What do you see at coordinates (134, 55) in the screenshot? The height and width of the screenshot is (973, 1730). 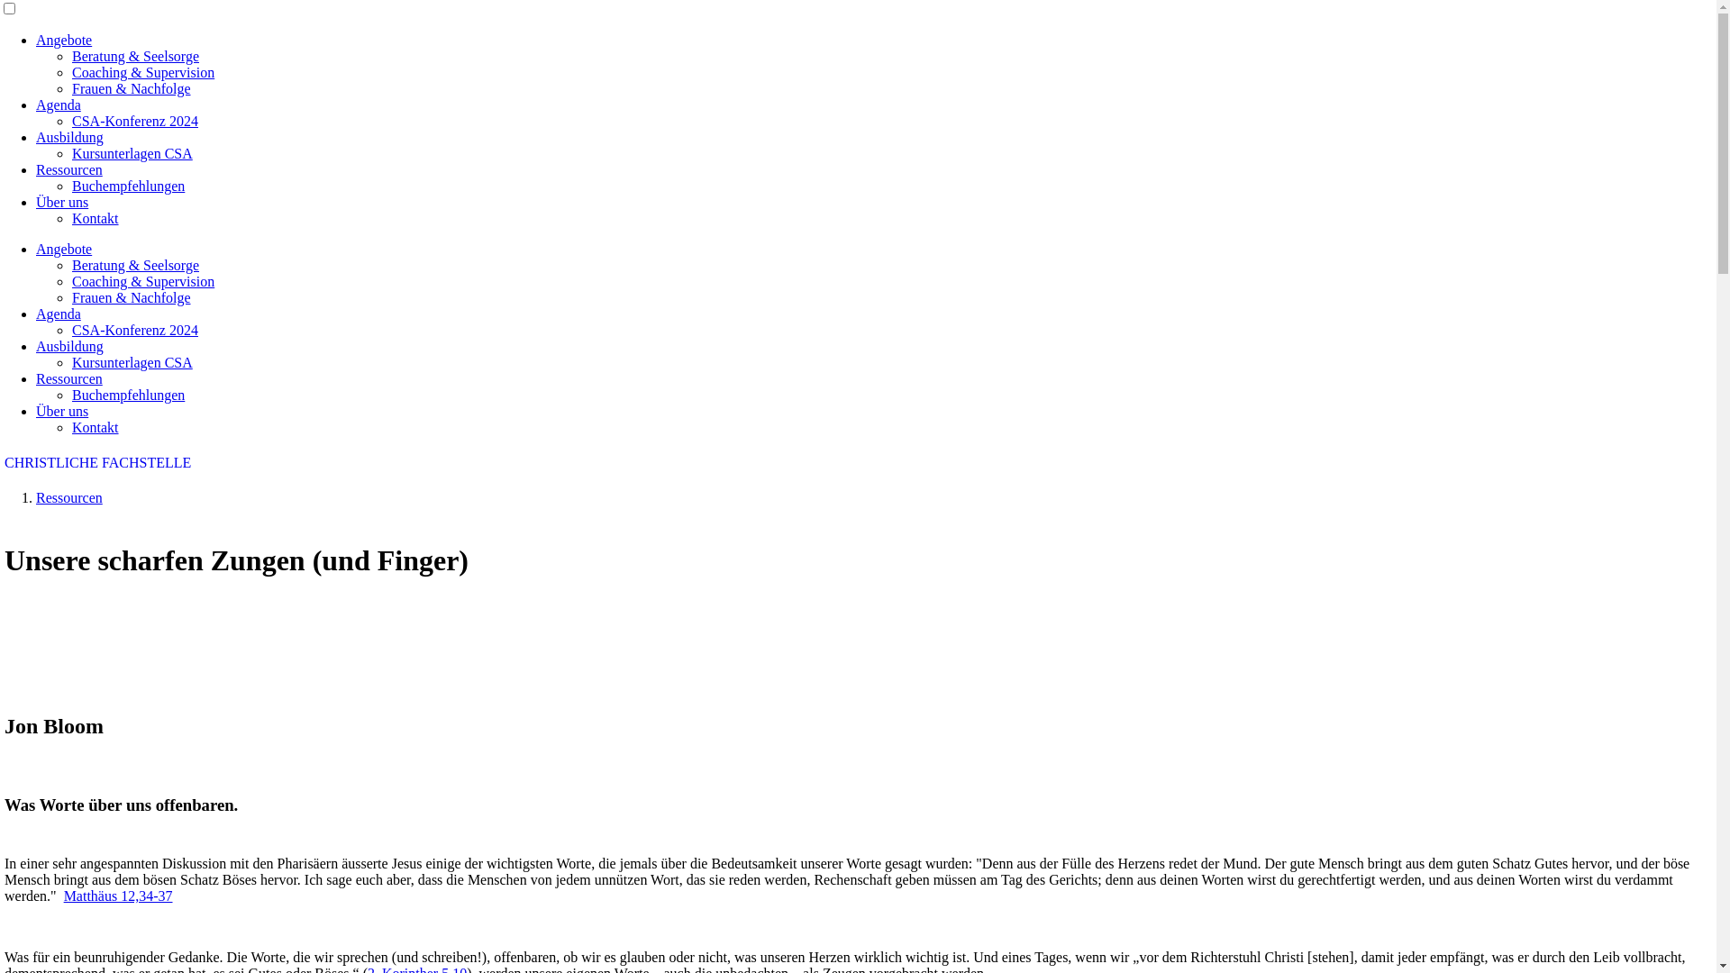 I see `'Beratung & Seelsorge'` at bounding box center [134, 55].